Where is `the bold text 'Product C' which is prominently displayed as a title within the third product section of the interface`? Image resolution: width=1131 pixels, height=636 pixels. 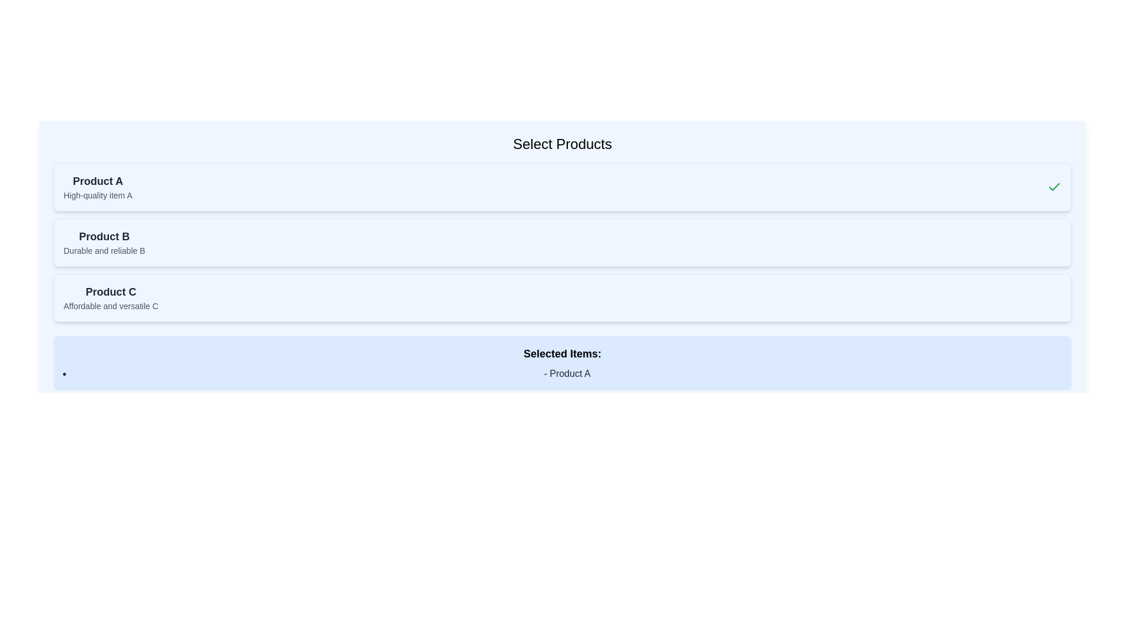 the bold text 'Product C' which is prominently displayed as a title within the third product section of the interface is located at coordinates (111, 291).